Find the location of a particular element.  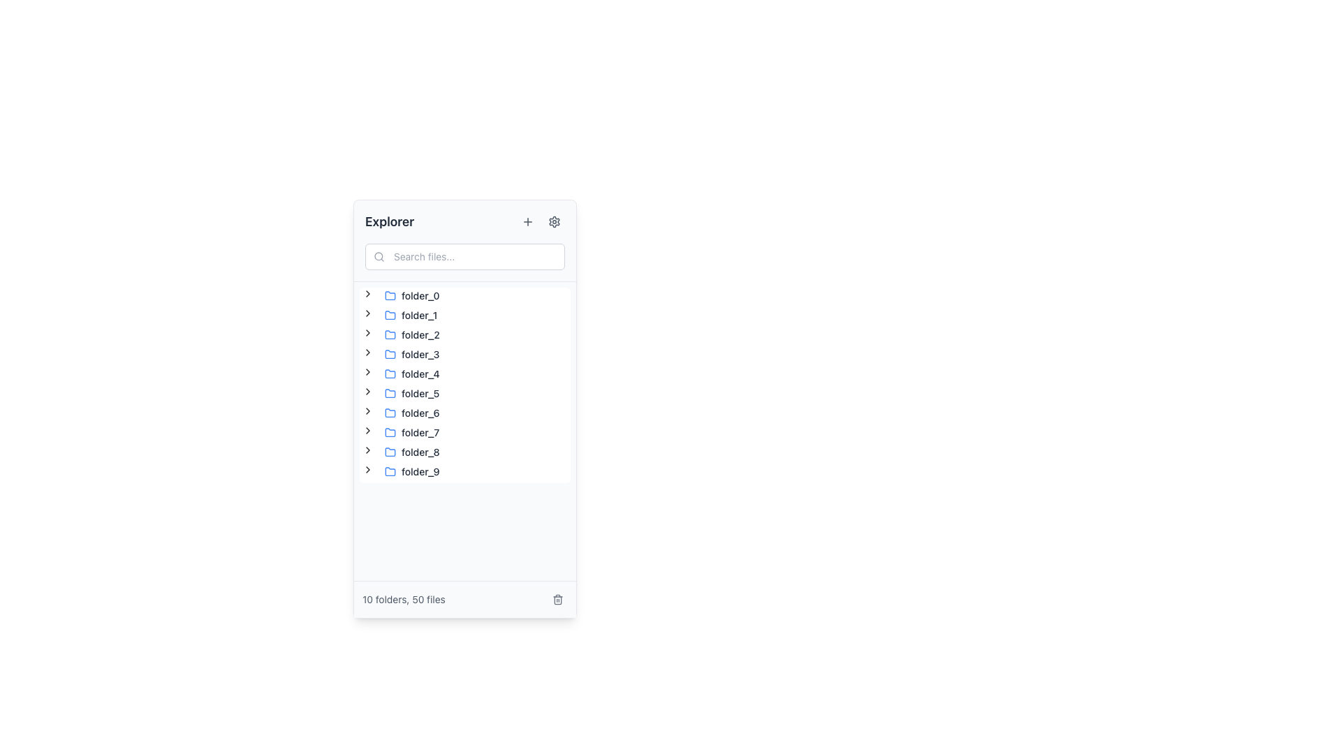

the folder icon, which is the fifth item is located at coordinates (390, 373).